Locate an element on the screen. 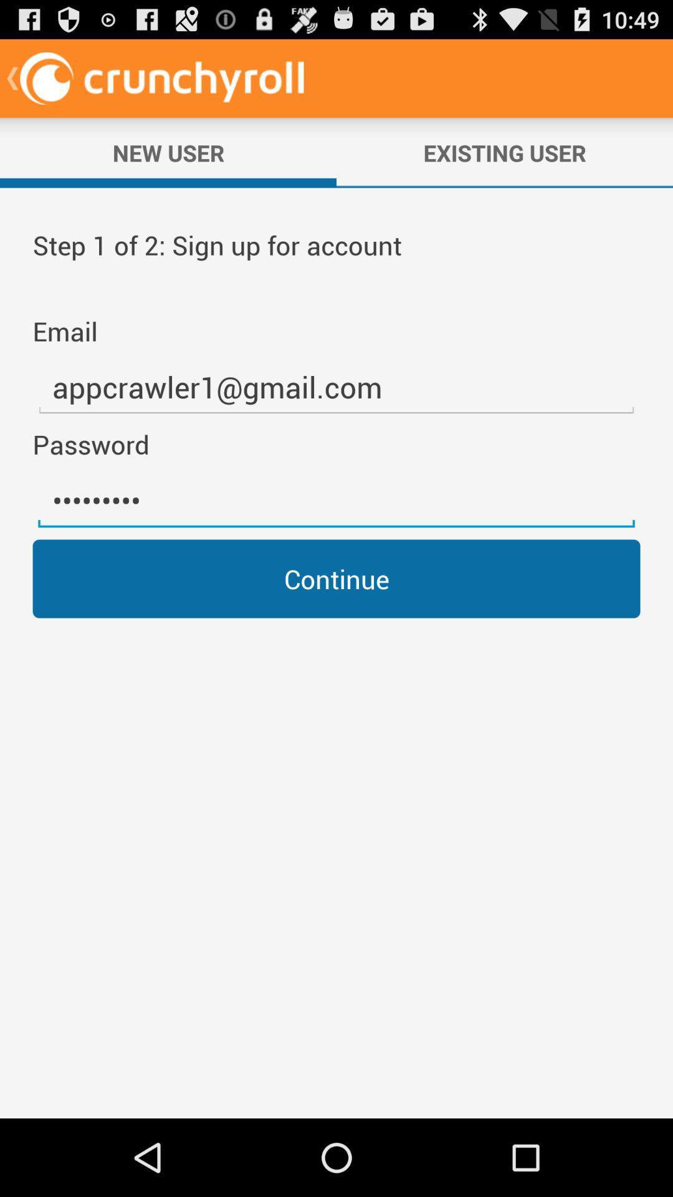 The image size is (673, 1197). existing user icon is located at coordinates (505, 152).